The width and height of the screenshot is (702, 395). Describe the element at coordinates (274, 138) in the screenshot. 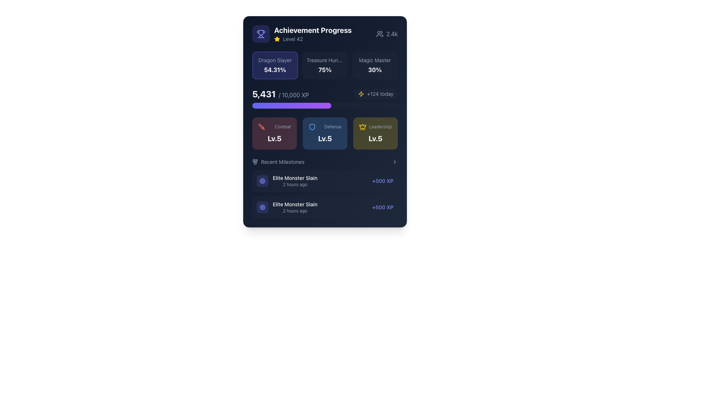

I see `the 'Lv.5' text label` at that location.